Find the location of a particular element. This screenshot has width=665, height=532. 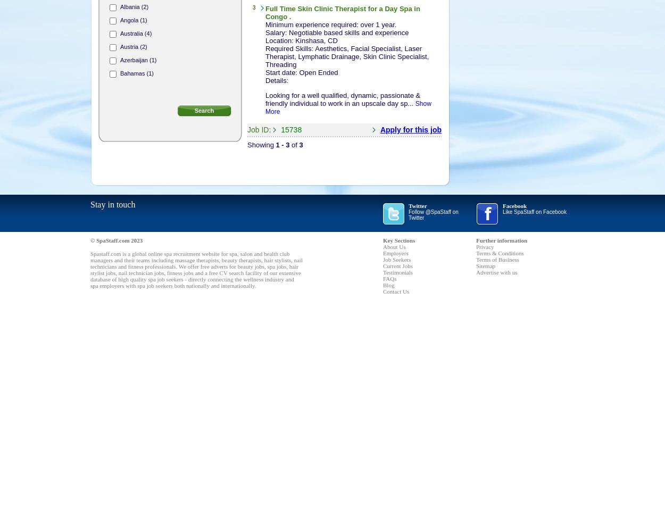

'Bermuda (8)' is located at coordinates (136, 100).